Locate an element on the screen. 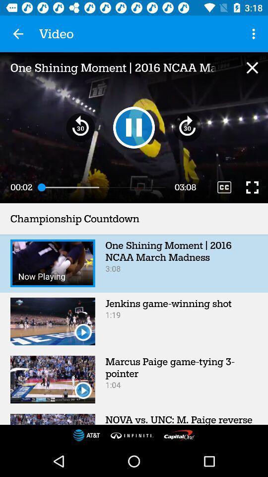  make screen wider while video is playing is located at coordinates (252, 187).